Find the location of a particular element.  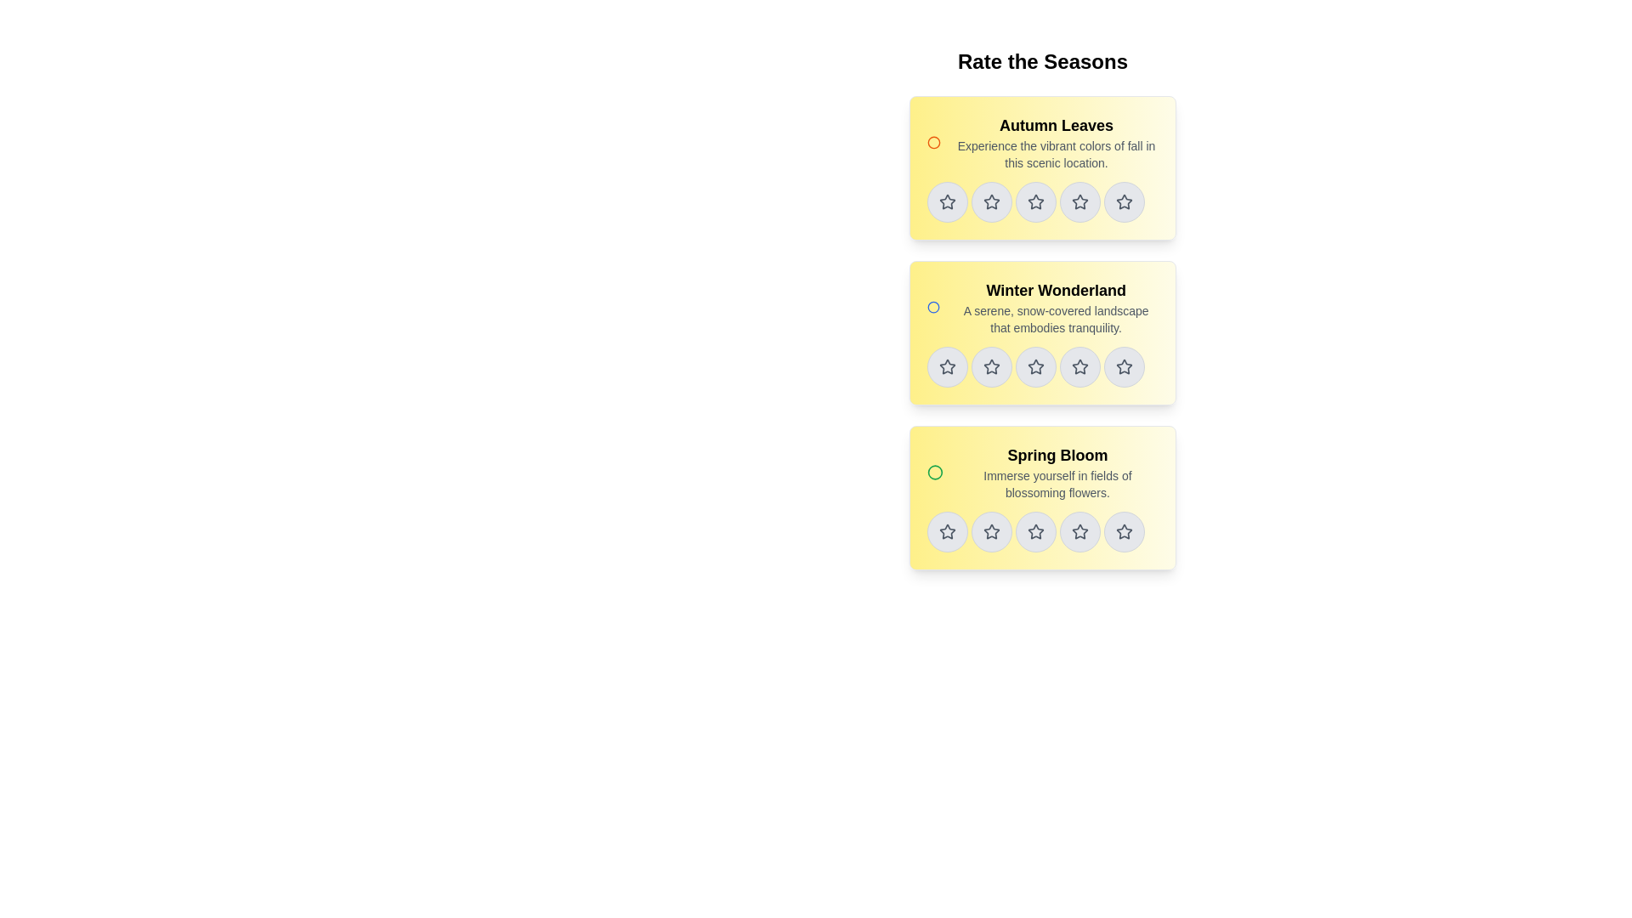

the fifth star icon in the rating system to indicate a high rating for the item labeled 'Autumn Leaves' is located at coordinates (1125, 201).